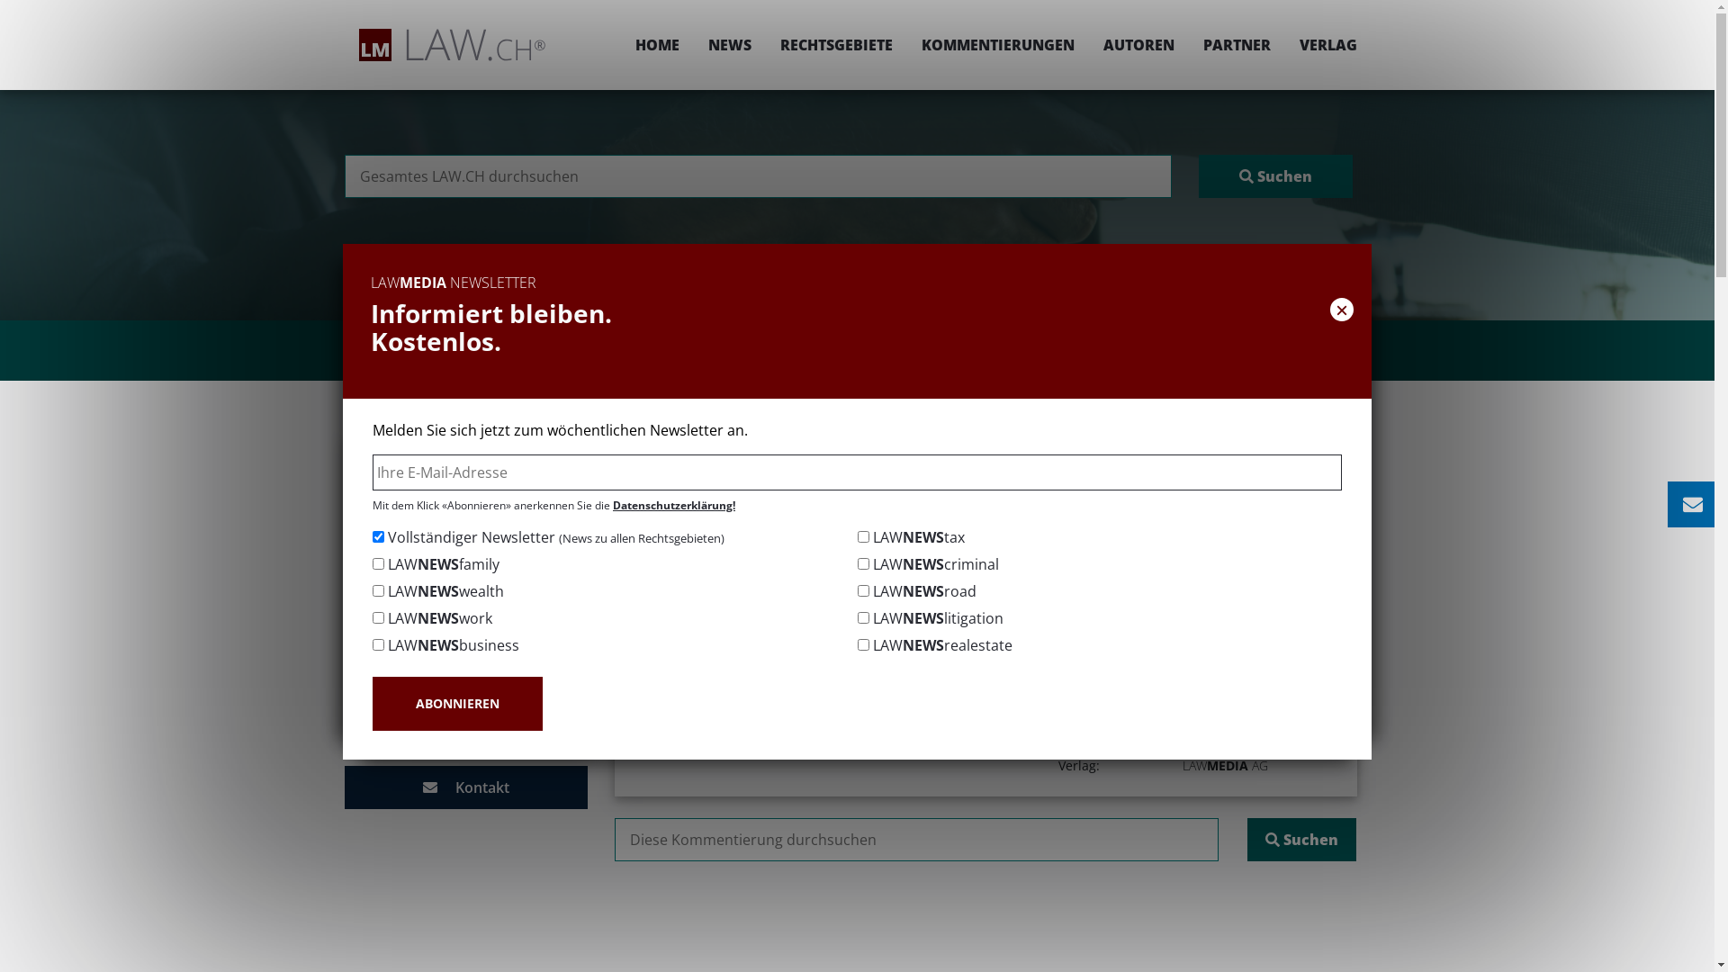 This screenshot has height=972, width=1728. I want to click on 'RECHTSGEBIETE', so click(834, 44).